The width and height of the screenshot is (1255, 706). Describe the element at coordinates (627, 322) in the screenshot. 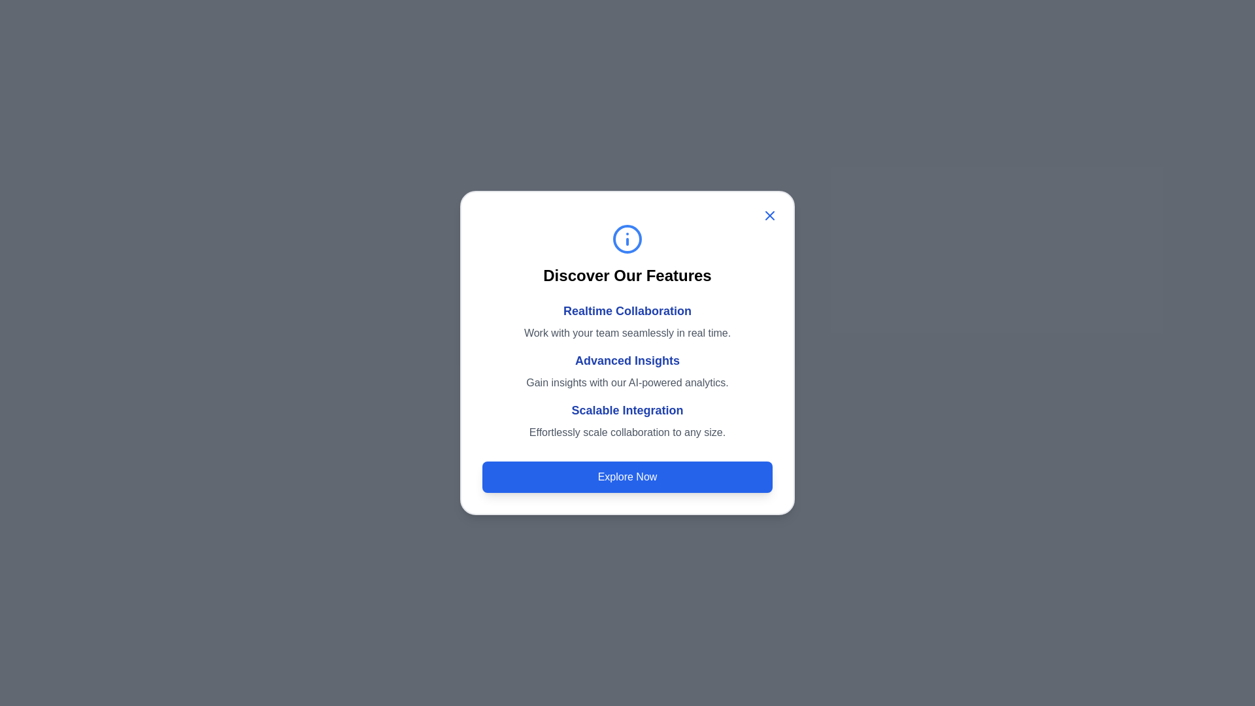

I see `the text content of the 'Realtime Collaboration' feature description located directly below the 'Discover Our Features' title in the main modal` at that location.